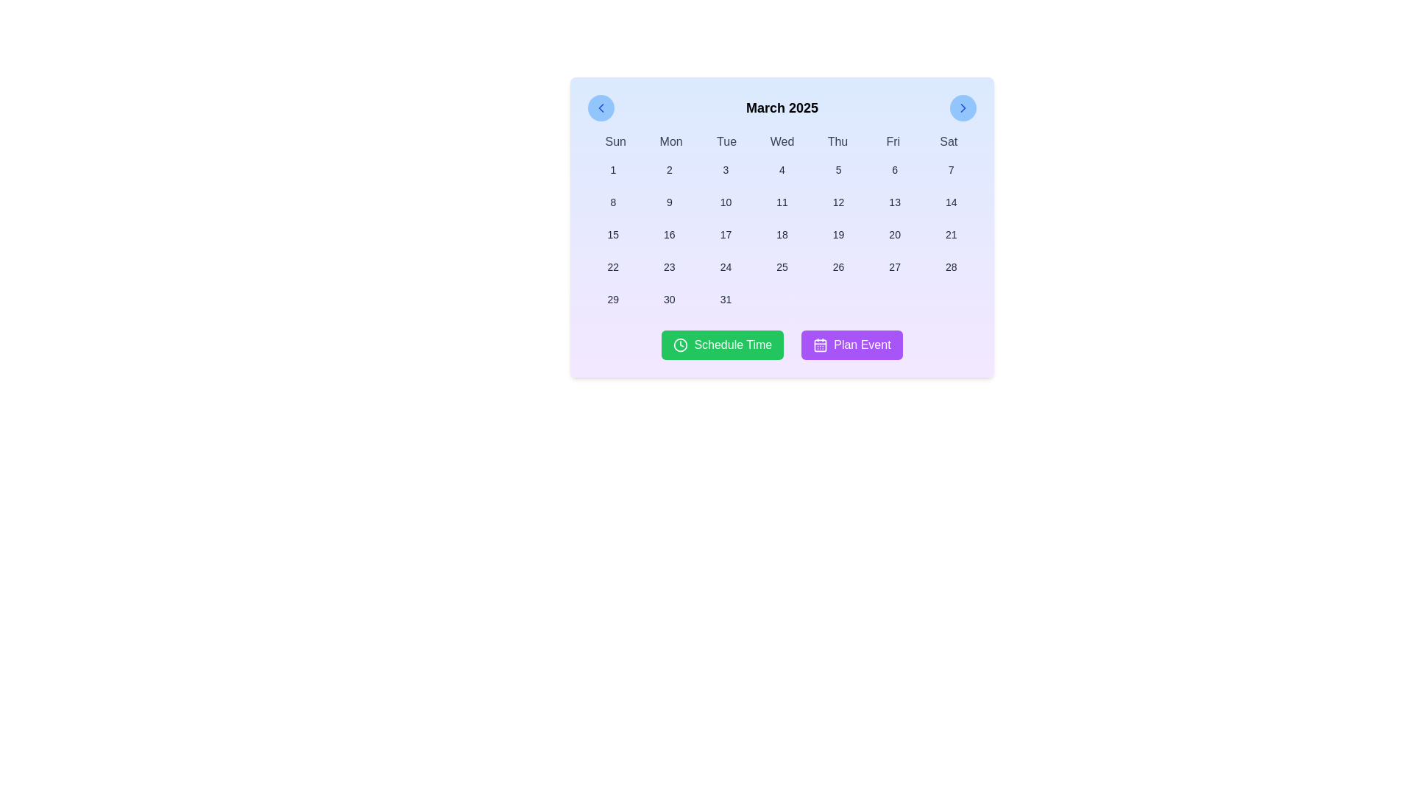 This screenshot has height=795, width=1413. I want to click on the calendar button representing the date '31', so click(726, 299).